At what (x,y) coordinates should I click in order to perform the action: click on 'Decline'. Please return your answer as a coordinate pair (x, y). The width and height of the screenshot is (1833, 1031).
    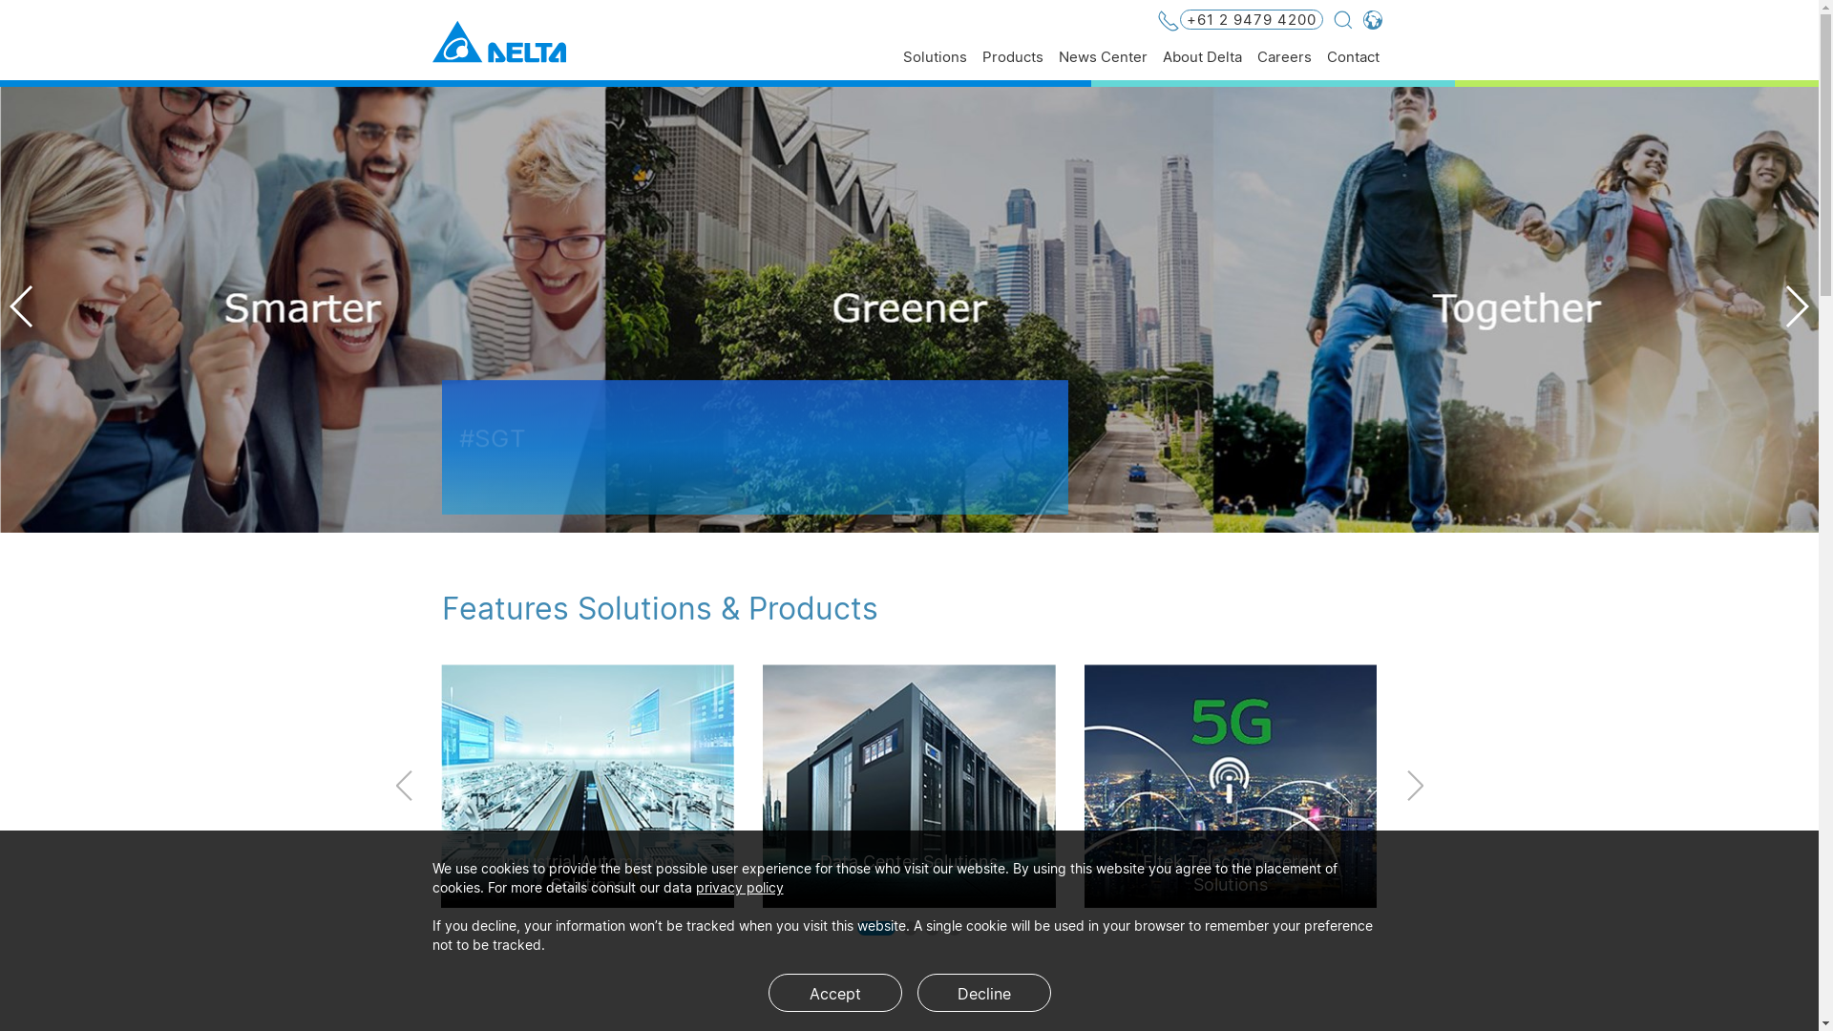
    Looking at the image, I should click on (983, 992).